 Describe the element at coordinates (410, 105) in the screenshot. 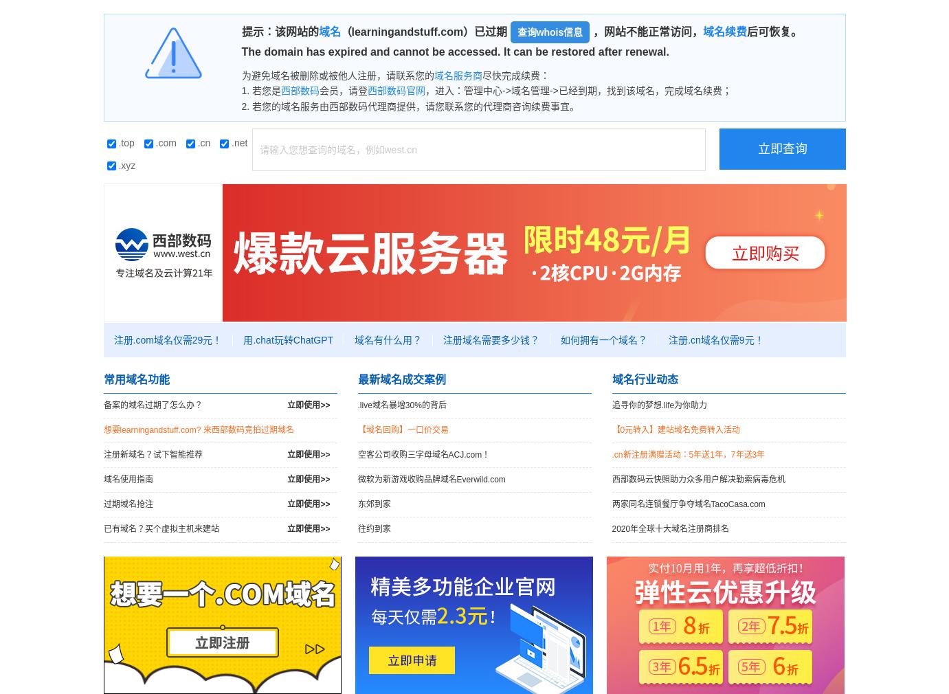

I see `'2. 若您的域名服务由西部数码代理商提供，请您联系您的代理商咨询续费事宜。'` at that location.